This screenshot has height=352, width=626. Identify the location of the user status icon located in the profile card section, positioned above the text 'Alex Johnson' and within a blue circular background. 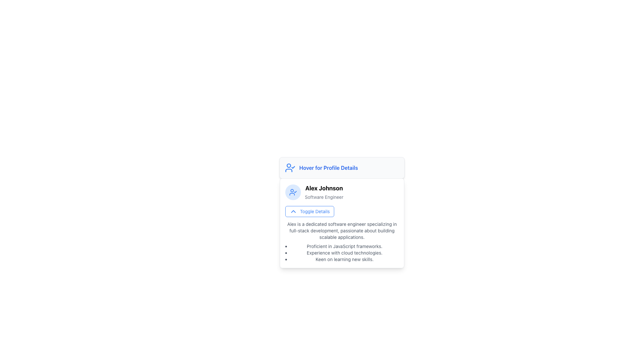
(292, 192).